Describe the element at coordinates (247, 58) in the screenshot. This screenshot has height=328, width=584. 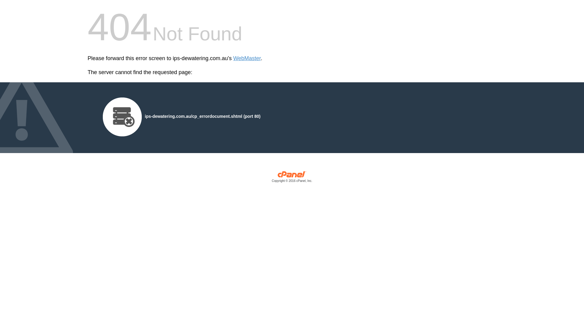
I see `'WebMaster'` at that location.